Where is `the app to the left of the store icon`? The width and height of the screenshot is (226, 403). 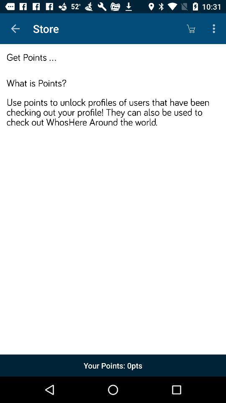
the app to the left of the store icon is located at coordinates (15, 29).